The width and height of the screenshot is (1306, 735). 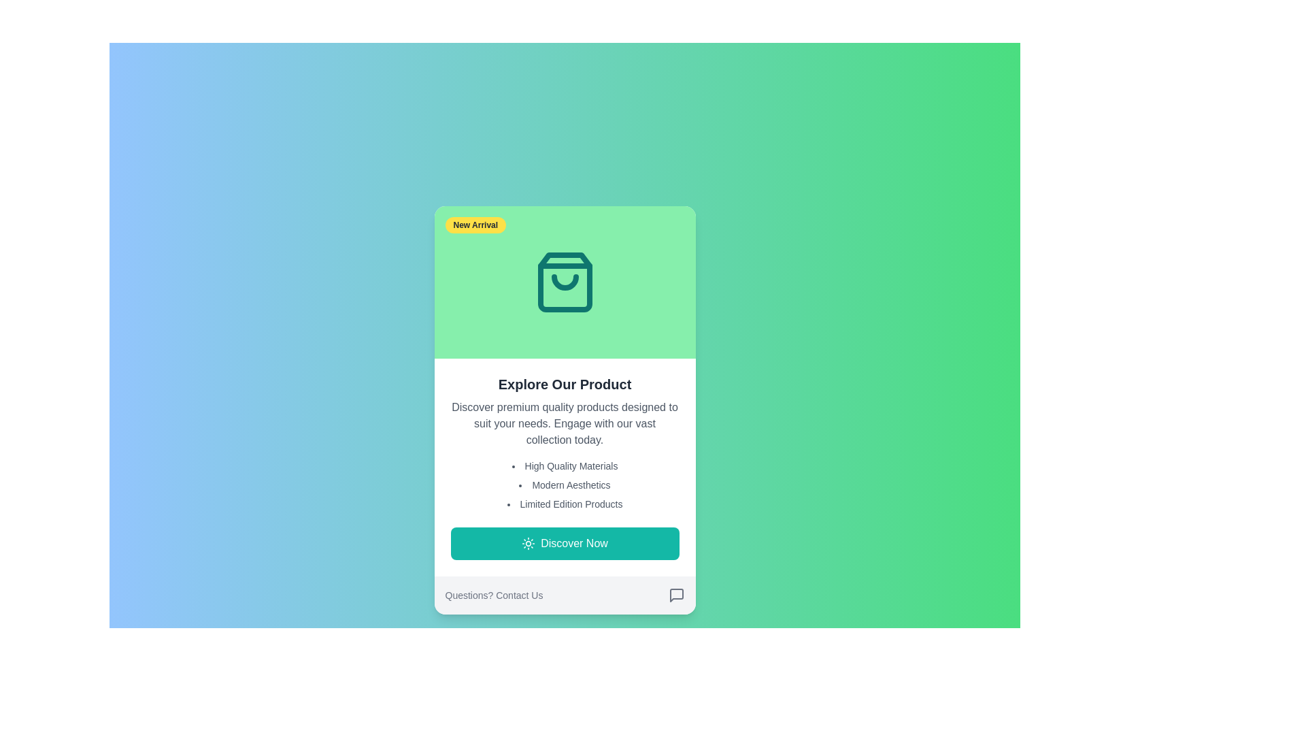 What do you see at coordinates (676, 595) in the screenshot?
I see `the message bubble icon in the footer section of the card component, which has a gray outline and a hollow center, located at the bottom-right corner aligned with the text 'Questions? Contact Us'` at bounding box center [676, 595].